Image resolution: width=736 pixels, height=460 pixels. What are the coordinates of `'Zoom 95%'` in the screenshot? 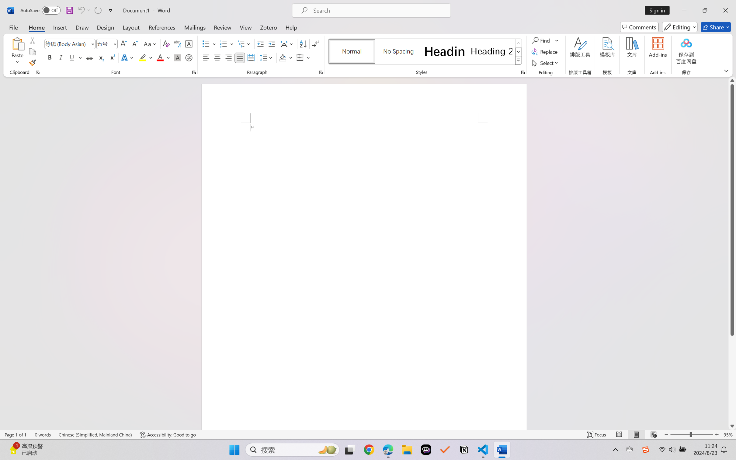 It's located at (728, 434).